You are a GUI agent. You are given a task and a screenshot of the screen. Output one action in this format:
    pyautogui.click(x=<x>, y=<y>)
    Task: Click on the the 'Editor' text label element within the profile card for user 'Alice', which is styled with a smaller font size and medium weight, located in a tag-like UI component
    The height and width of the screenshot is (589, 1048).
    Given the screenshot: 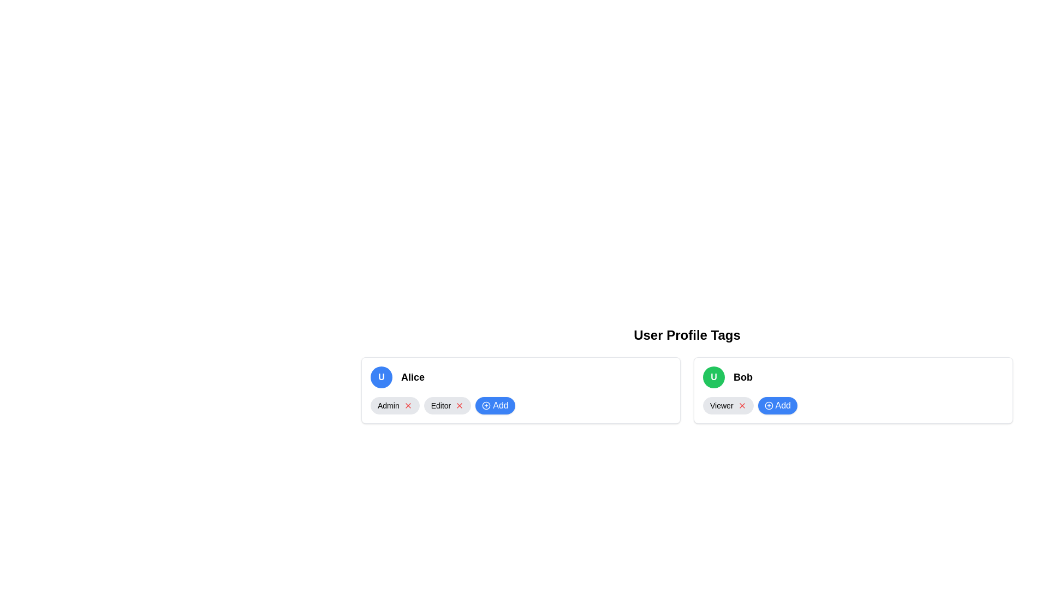 What is the action you would take?
    pyautogui.click(x=440, y=406)
    